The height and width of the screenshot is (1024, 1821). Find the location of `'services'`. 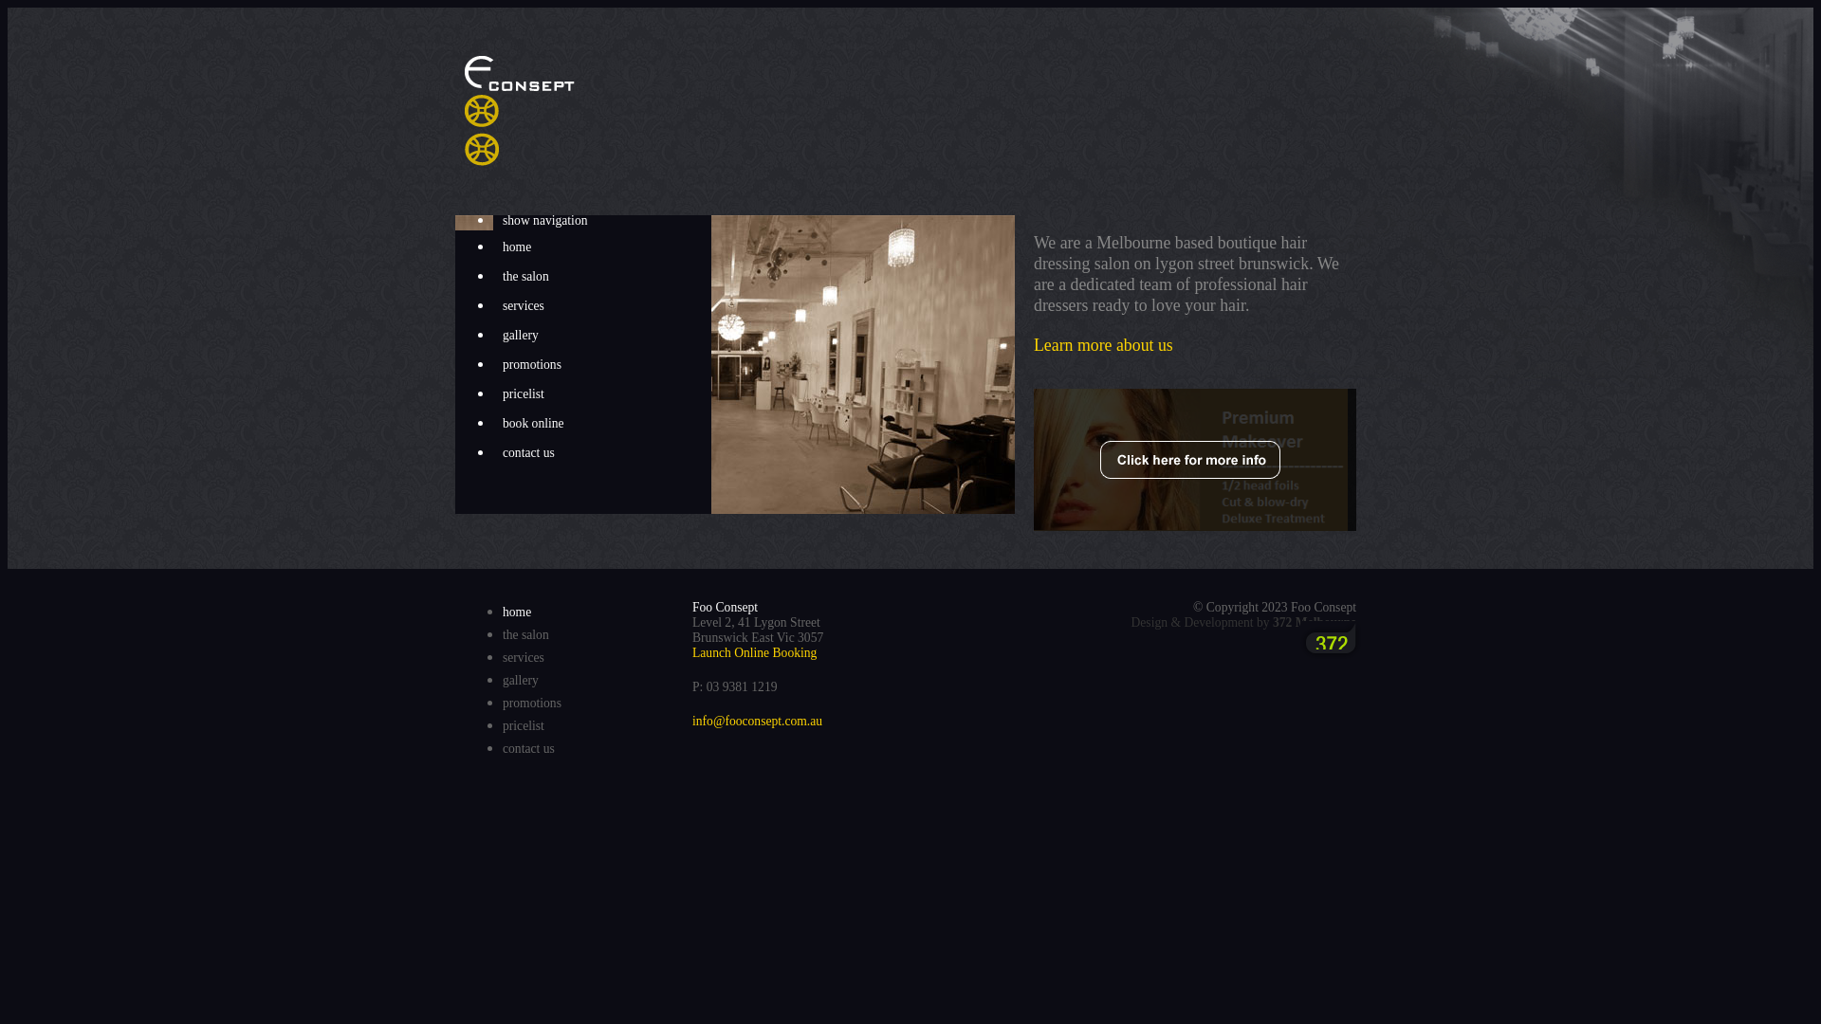

'services' is located at coordinates (492, 305).